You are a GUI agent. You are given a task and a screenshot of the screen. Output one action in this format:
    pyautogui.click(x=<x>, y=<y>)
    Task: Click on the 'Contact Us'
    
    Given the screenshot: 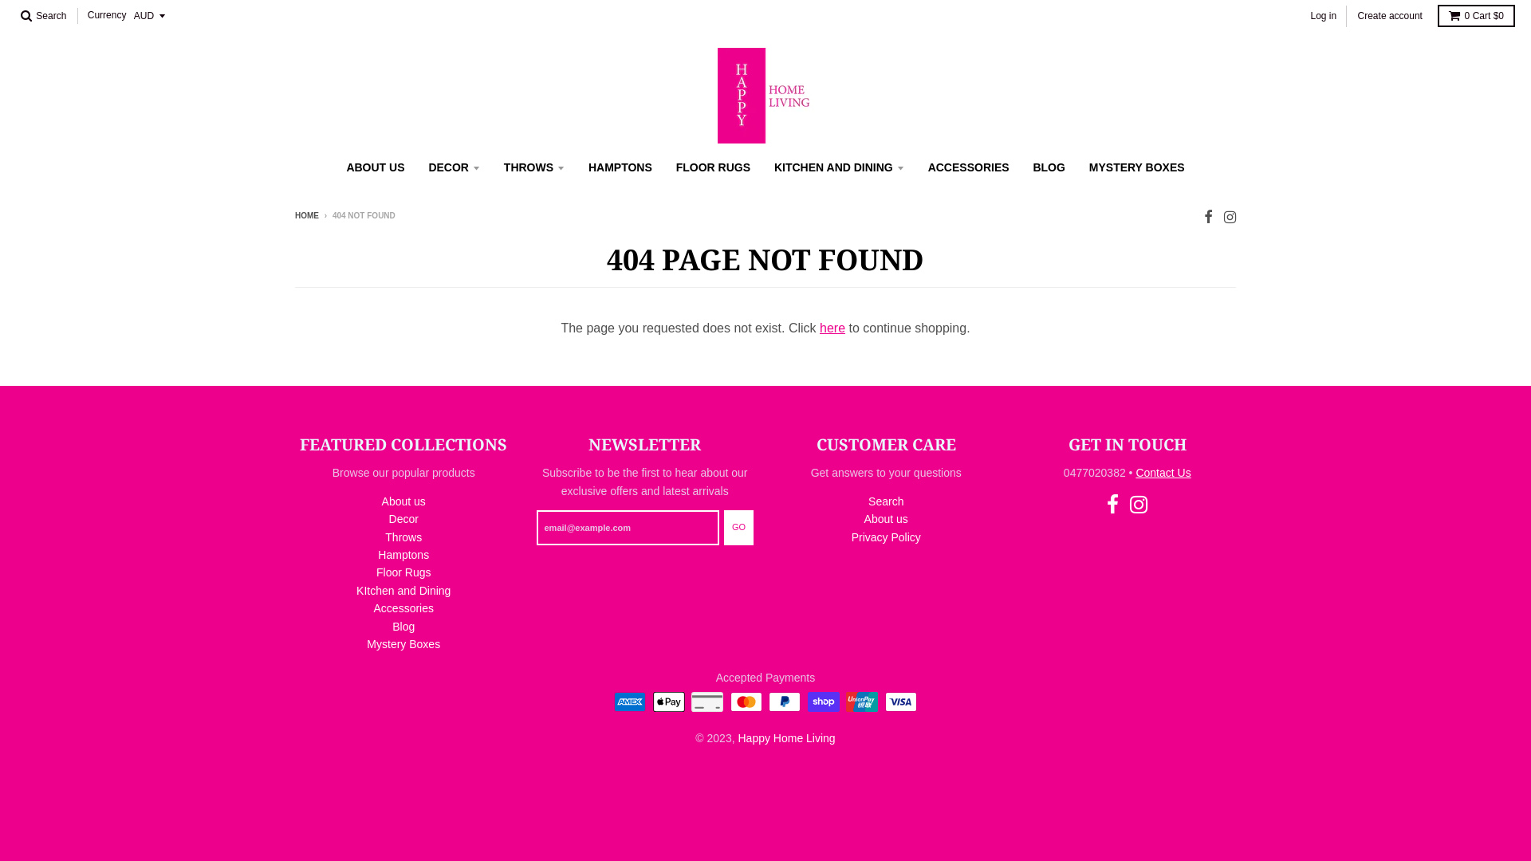 What is the action you would take?
    pyautogui.click(x=1163, y=472)
    